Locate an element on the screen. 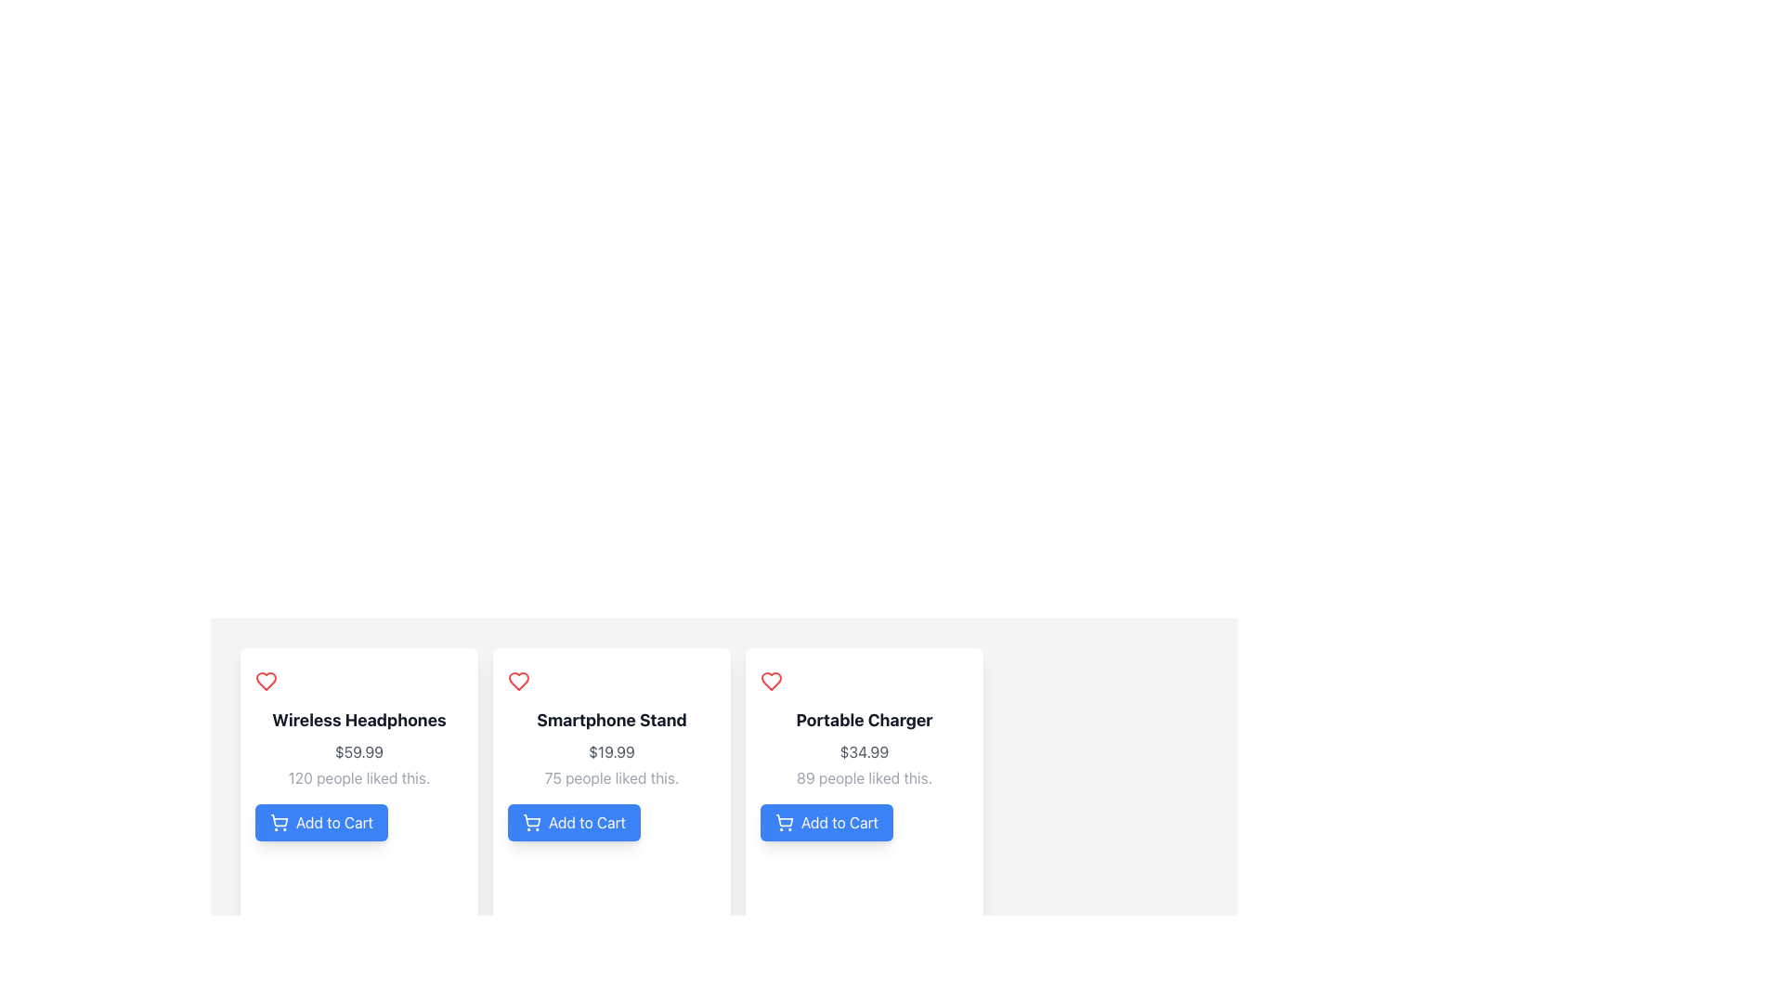  the static text label that displays the product's name, located in the third card just above the price and below the heart icon is located at coordinates (864, 719).